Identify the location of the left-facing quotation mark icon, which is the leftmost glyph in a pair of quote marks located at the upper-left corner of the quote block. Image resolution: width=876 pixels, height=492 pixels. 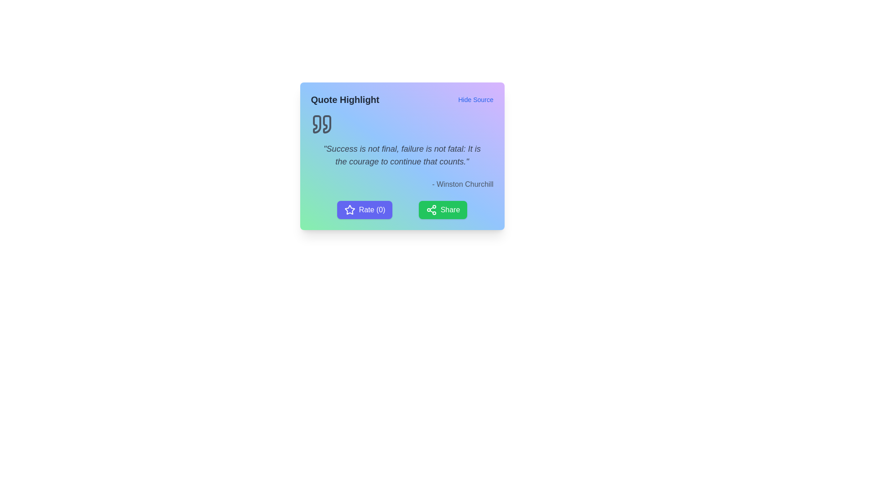
(317, 124).